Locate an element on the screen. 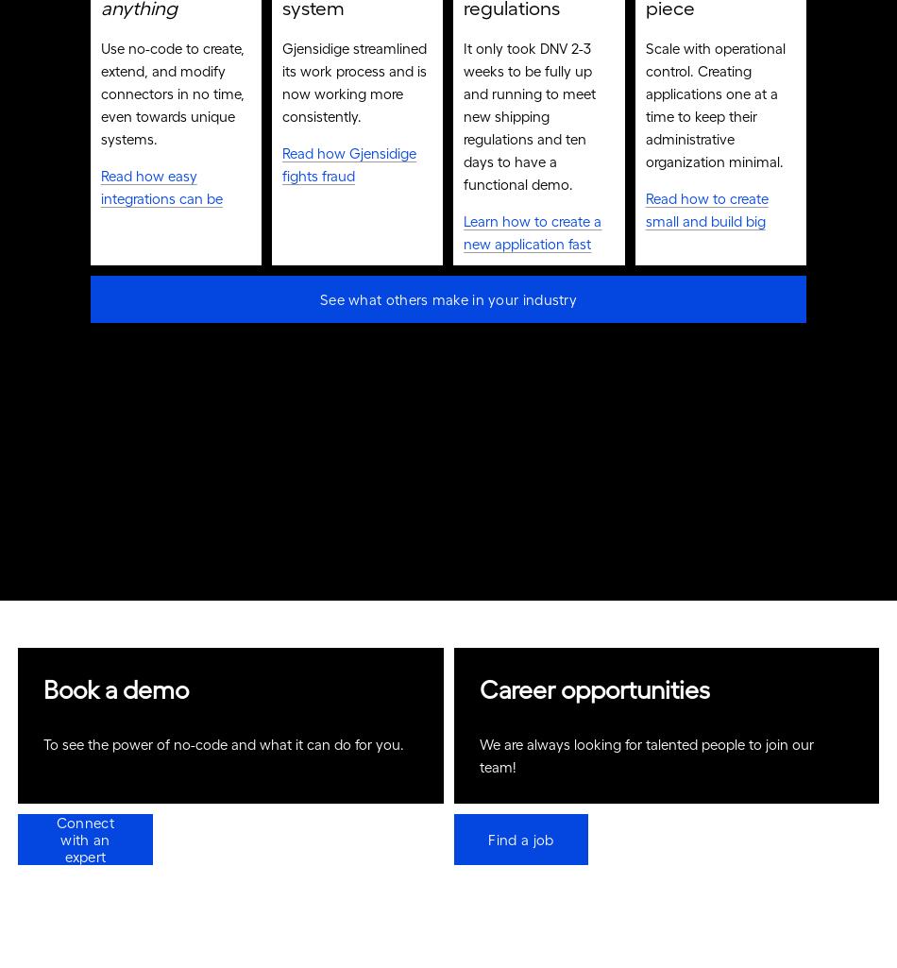  'Use no-code to create, extend, and modify connectors in no time, even towards unique systems.' is located at coordinates (100, 99).